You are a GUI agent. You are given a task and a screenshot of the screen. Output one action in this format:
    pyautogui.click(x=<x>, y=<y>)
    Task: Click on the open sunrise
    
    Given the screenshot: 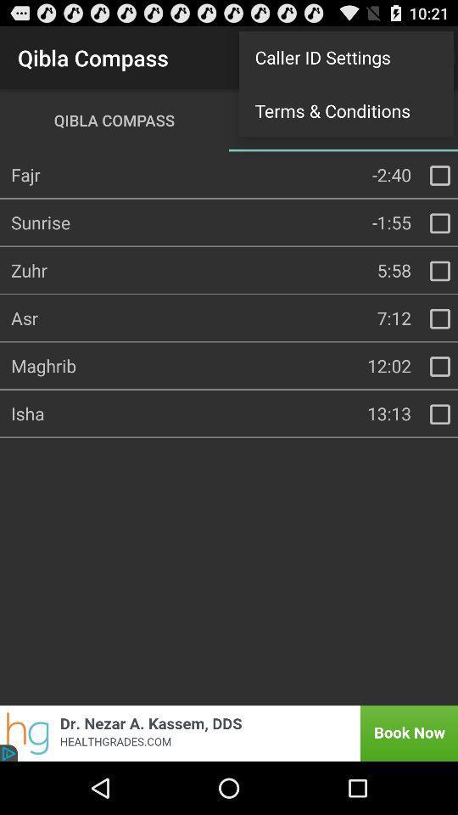 What is the action you would take?
    pyautogui.click(x=439, y=222)
    